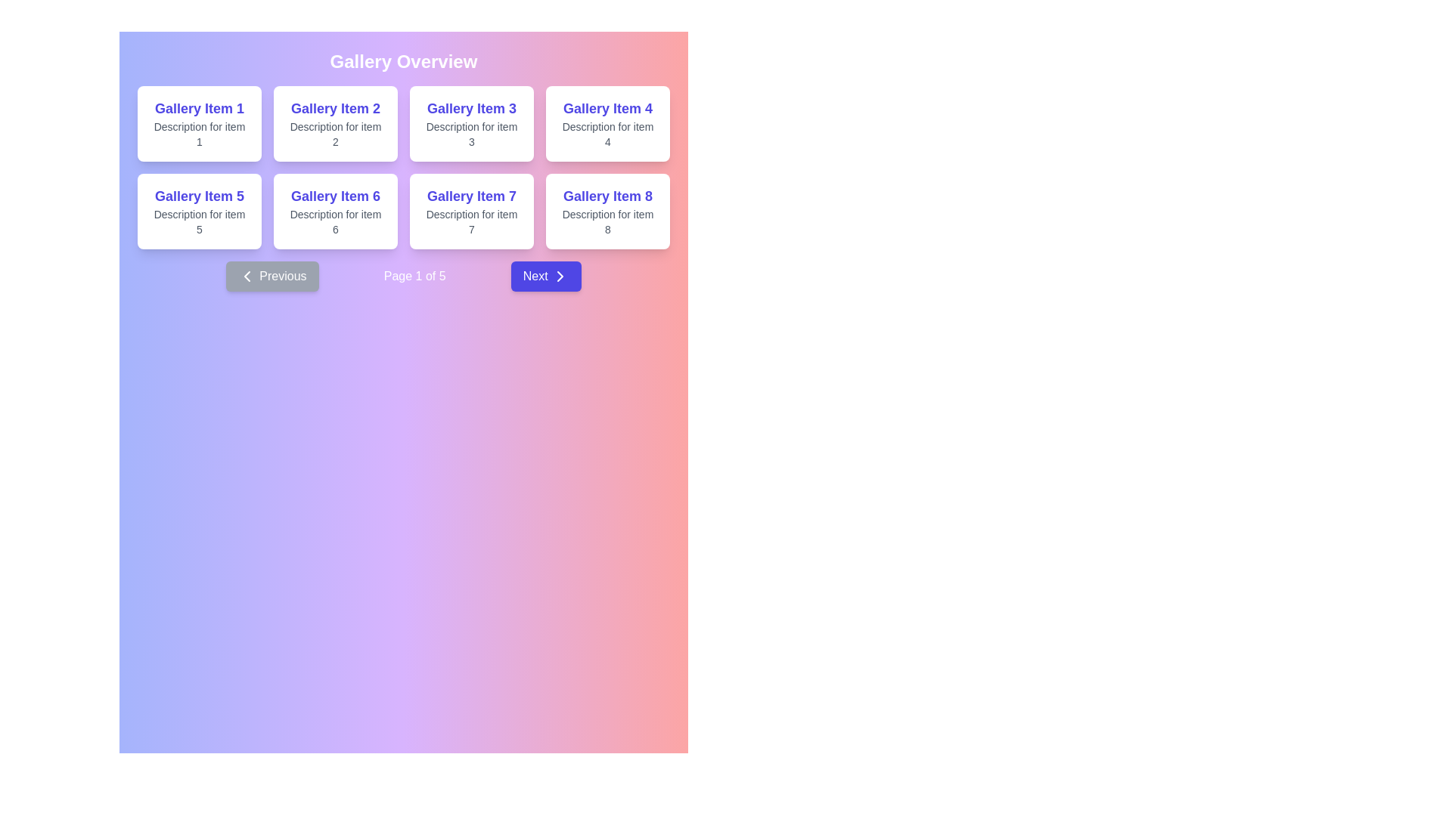  Describe the element at coordinates (272, 277) in the screenshot. I see `the navigation button located to the left of the 'Page 1 of 5' text` at that location.